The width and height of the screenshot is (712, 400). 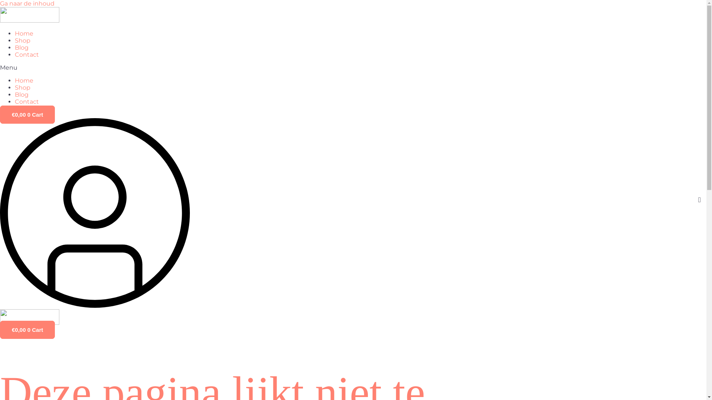 What do you see at coordinates (27, 3) in the screenshot?
I see `'Ga naar de inhoud'` at bounding box center [27, 3].